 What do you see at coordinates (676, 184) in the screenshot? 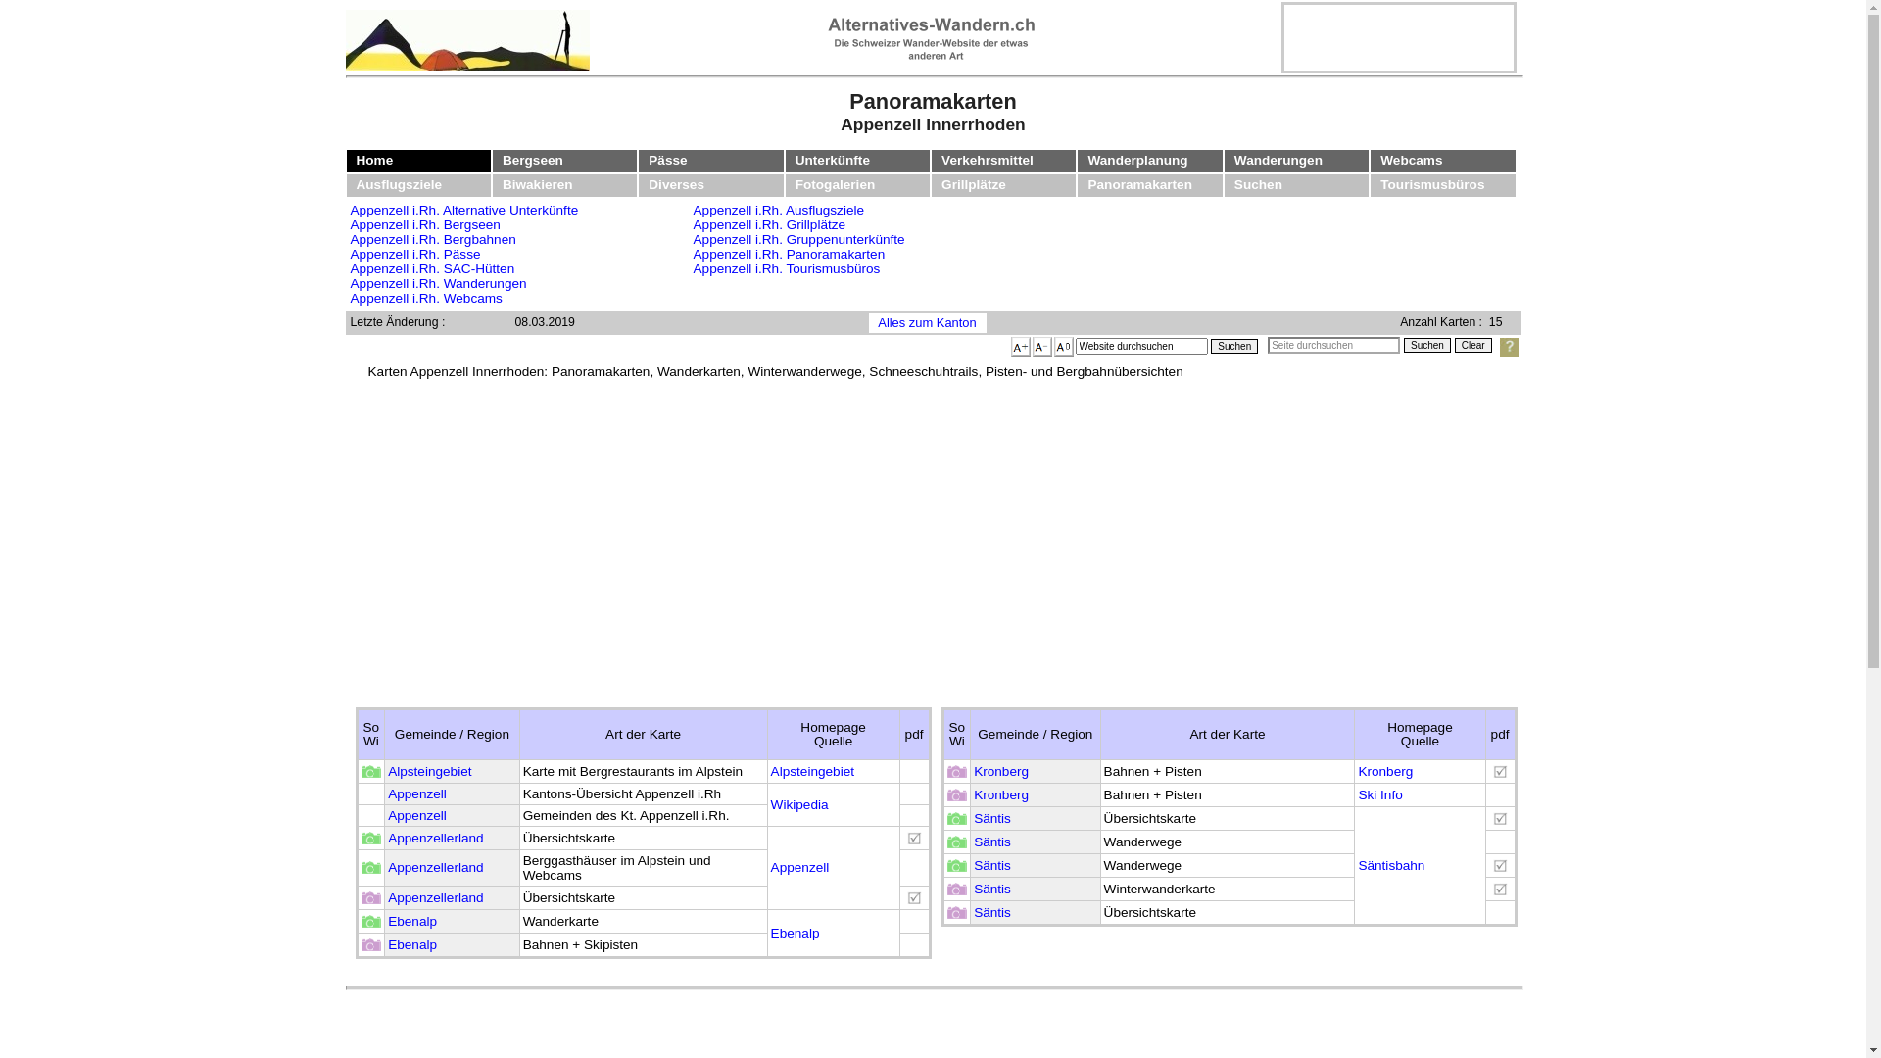
I see `'Diverses'` at bounding box center [676, 184].